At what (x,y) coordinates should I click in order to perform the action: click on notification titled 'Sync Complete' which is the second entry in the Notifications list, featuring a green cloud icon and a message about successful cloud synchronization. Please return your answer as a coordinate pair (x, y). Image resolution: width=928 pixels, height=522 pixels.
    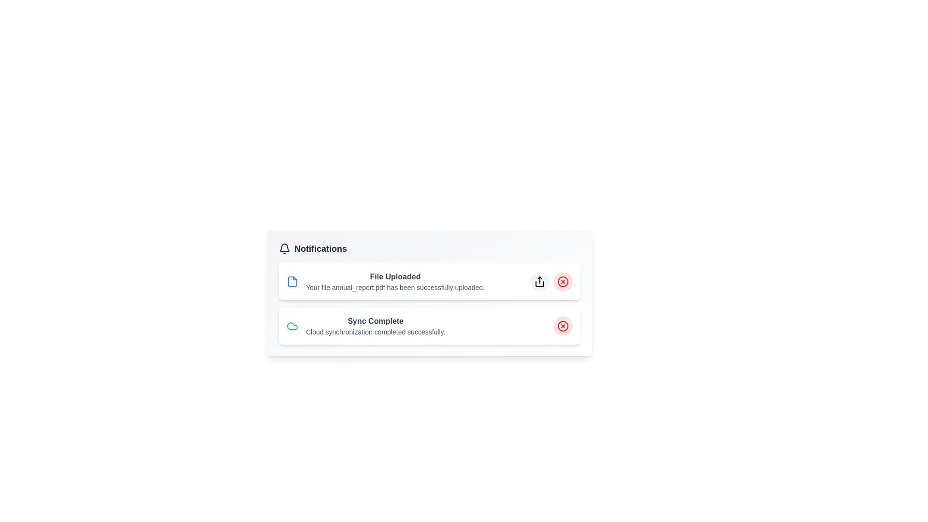
    Looking at the image, I should click on (365, 326).